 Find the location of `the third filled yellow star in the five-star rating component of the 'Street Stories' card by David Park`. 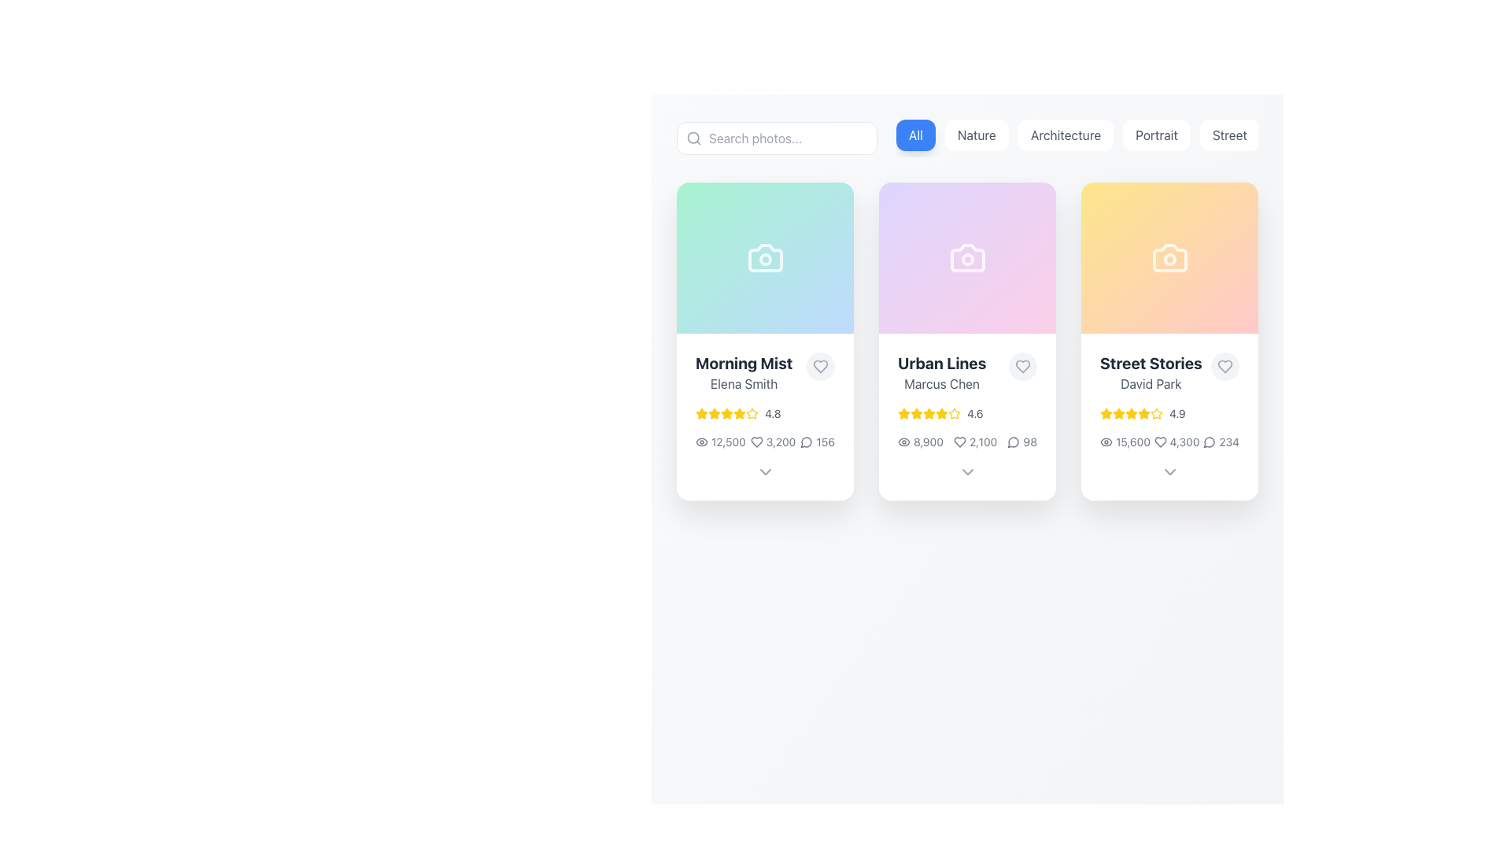

the third filled yellow star in the five-star rating component of the 'Street Stories' card by David Park is located at coordinates (1131, 412).